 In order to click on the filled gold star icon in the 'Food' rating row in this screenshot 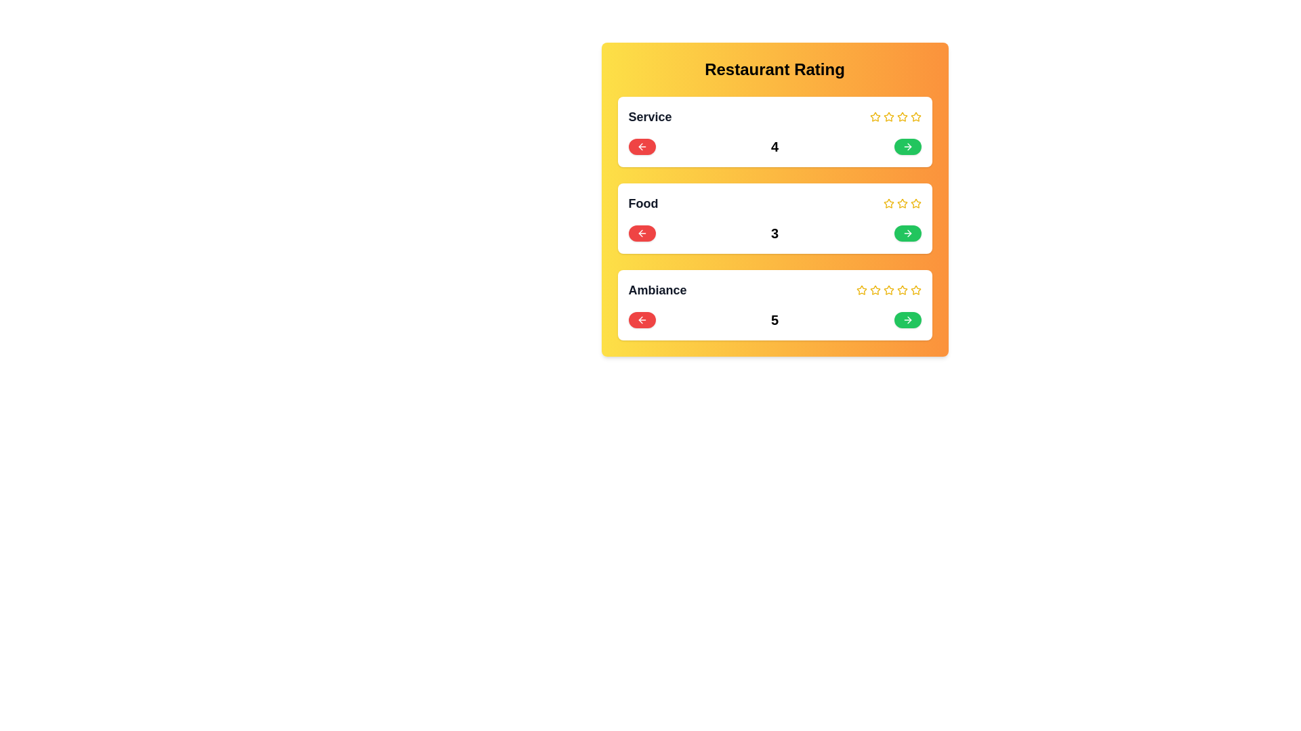, I will do `click(888, 203)`.